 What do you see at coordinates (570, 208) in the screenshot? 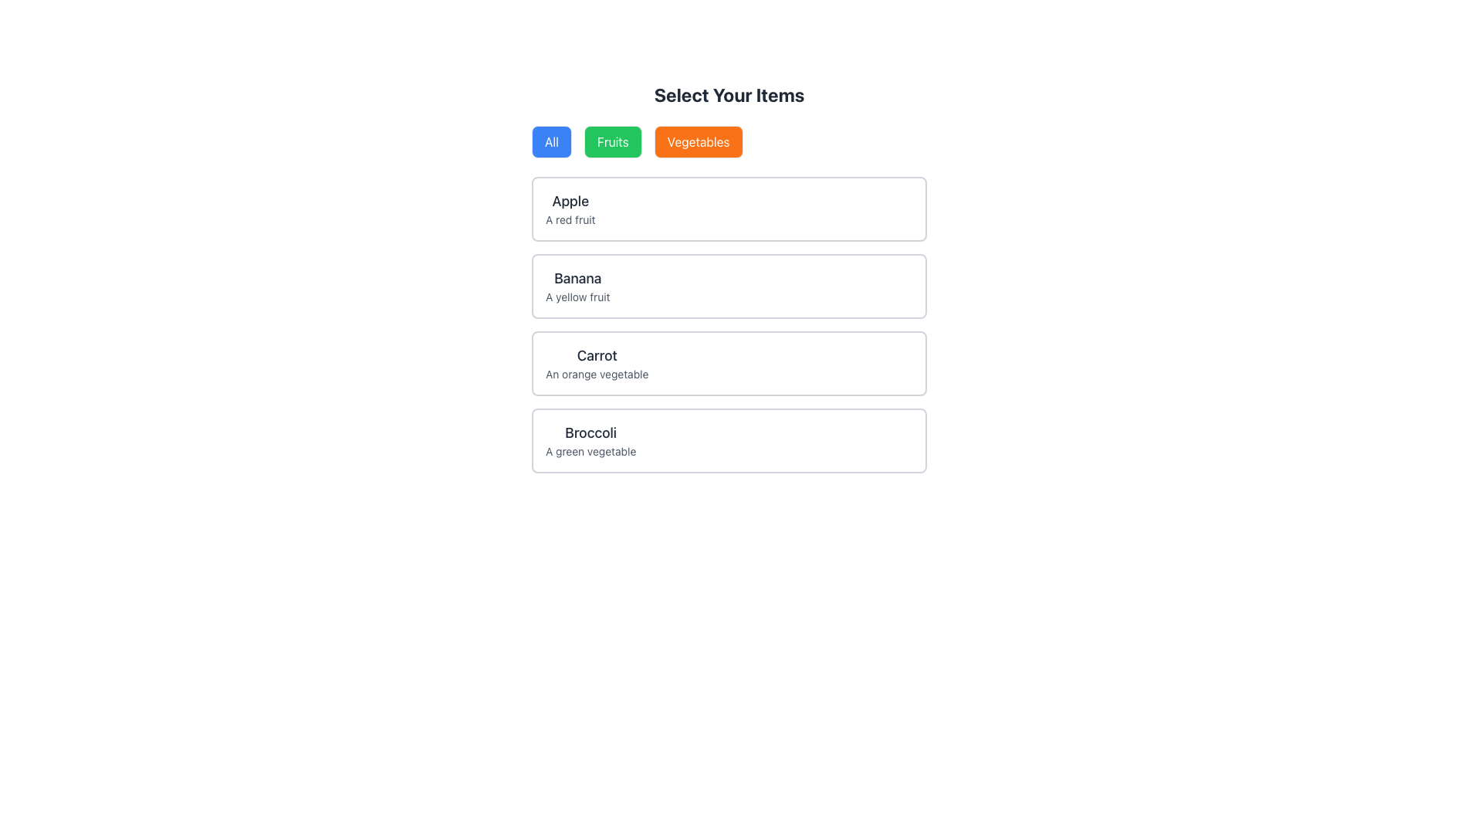
I see `the informational text block describing 'Apple' as 'A red fruit', which is the first item in a vertically stacked list and is located near the top, centered horizontally within the page` at bounding box center [570, 208].